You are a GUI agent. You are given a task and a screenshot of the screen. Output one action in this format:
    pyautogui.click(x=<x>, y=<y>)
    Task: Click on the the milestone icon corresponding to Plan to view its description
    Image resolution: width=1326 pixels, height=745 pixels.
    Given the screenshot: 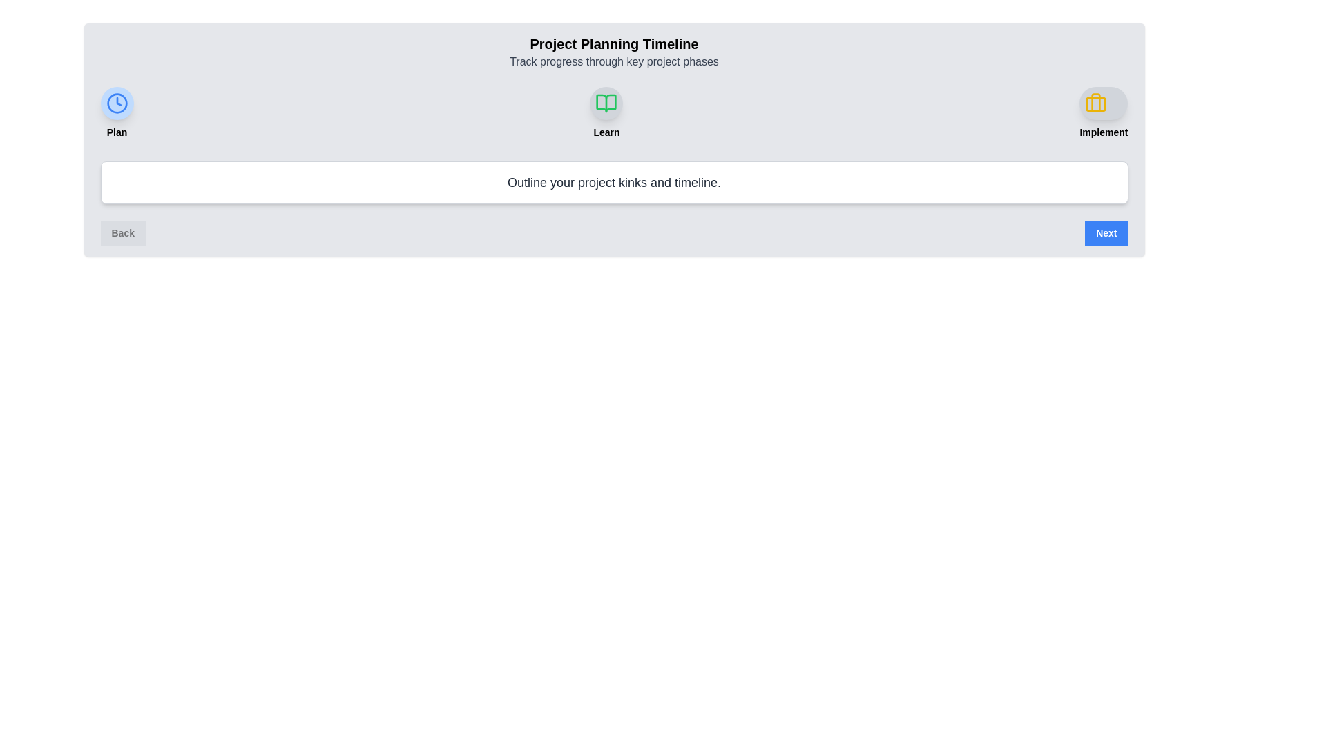 What is the action you would take?
    pyautogui.click(x=117, y=103)
    